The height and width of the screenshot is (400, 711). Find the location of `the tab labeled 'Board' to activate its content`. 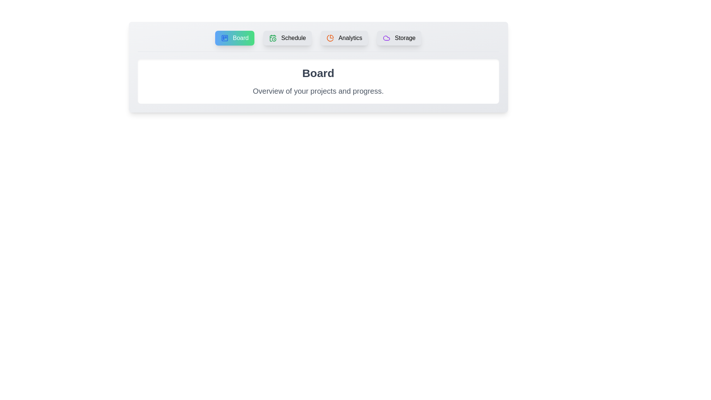

the tab labeled 'Board' to activate its content is located at coordinates (234, 38).